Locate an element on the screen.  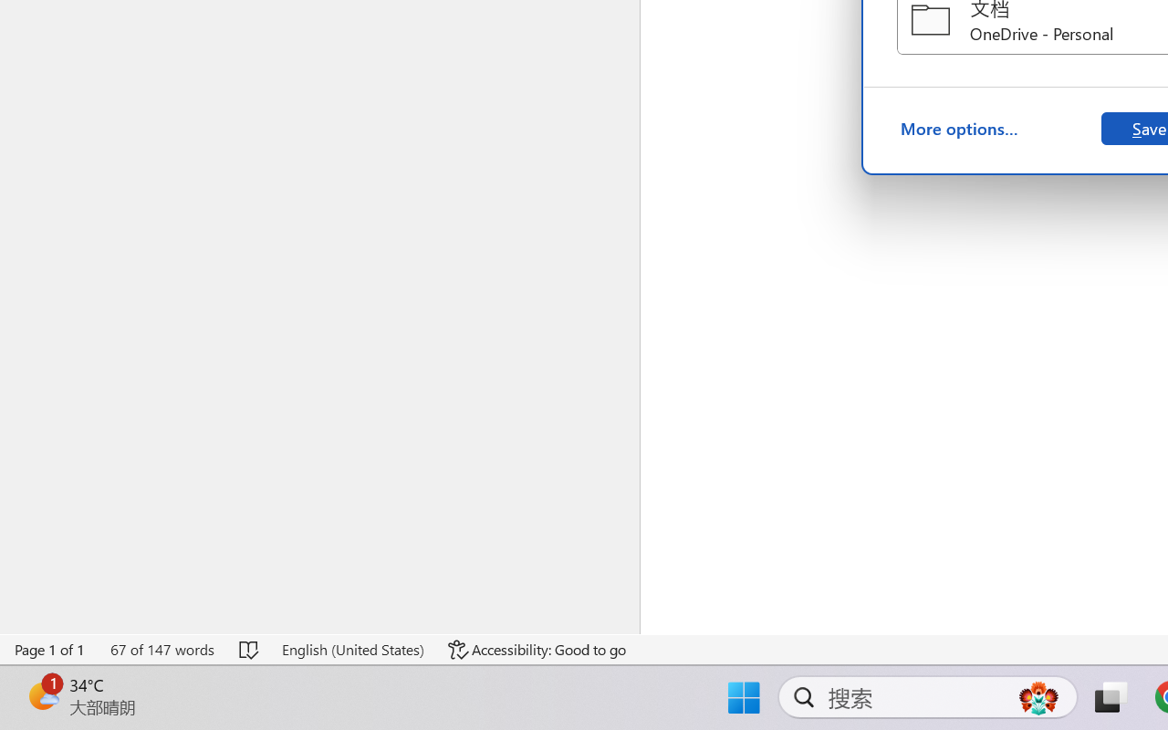
'Page Number Page 1 of 1' is located at coordinates (50, 649).